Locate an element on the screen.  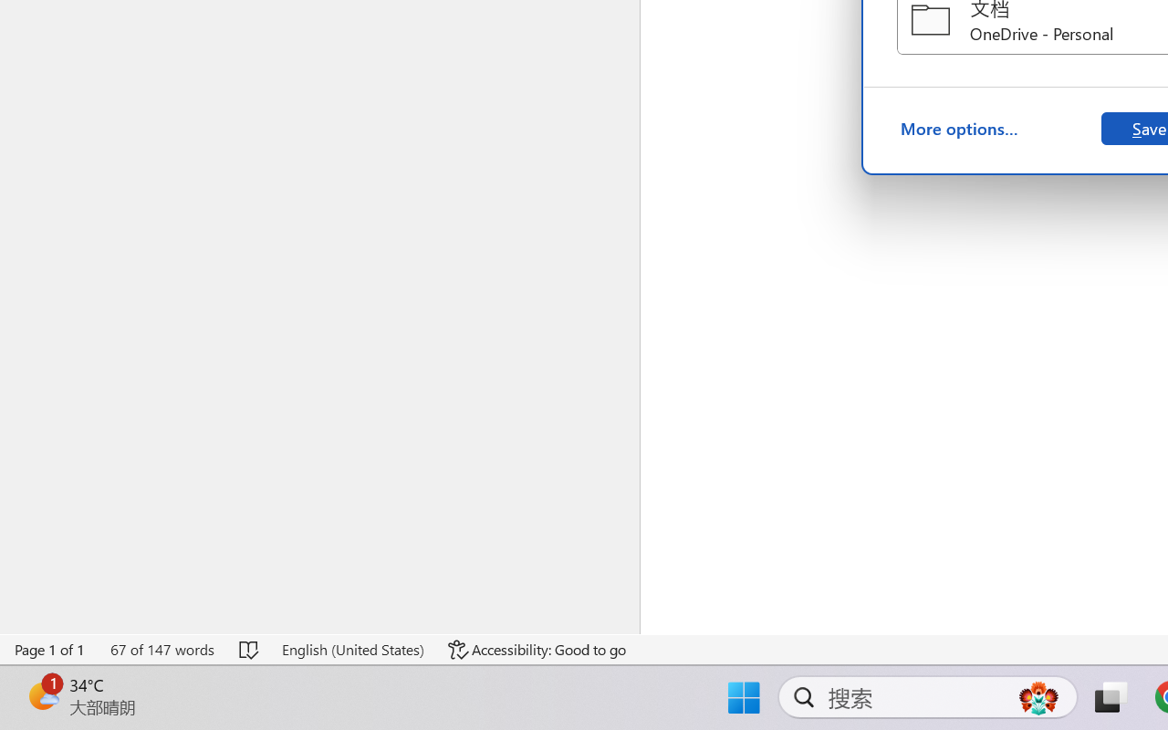
'Page Number Page 1 of 1' is located at coordinates (50, 649).